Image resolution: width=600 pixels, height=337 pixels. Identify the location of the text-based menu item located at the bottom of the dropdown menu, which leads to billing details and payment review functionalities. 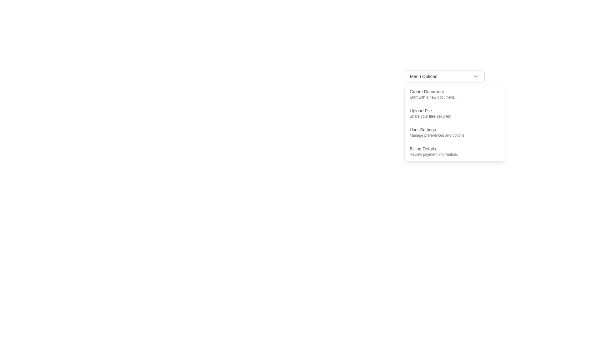
(454, 151).